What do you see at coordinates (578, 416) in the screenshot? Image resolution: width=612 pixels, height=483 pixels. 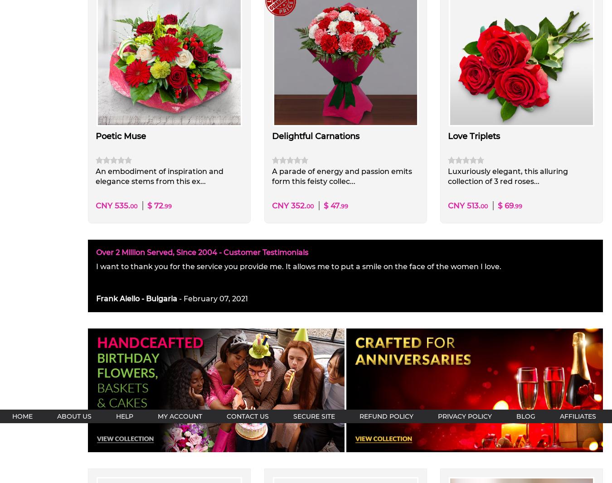 I see `'AFFILIATES'` at bounding box center [578, 416].